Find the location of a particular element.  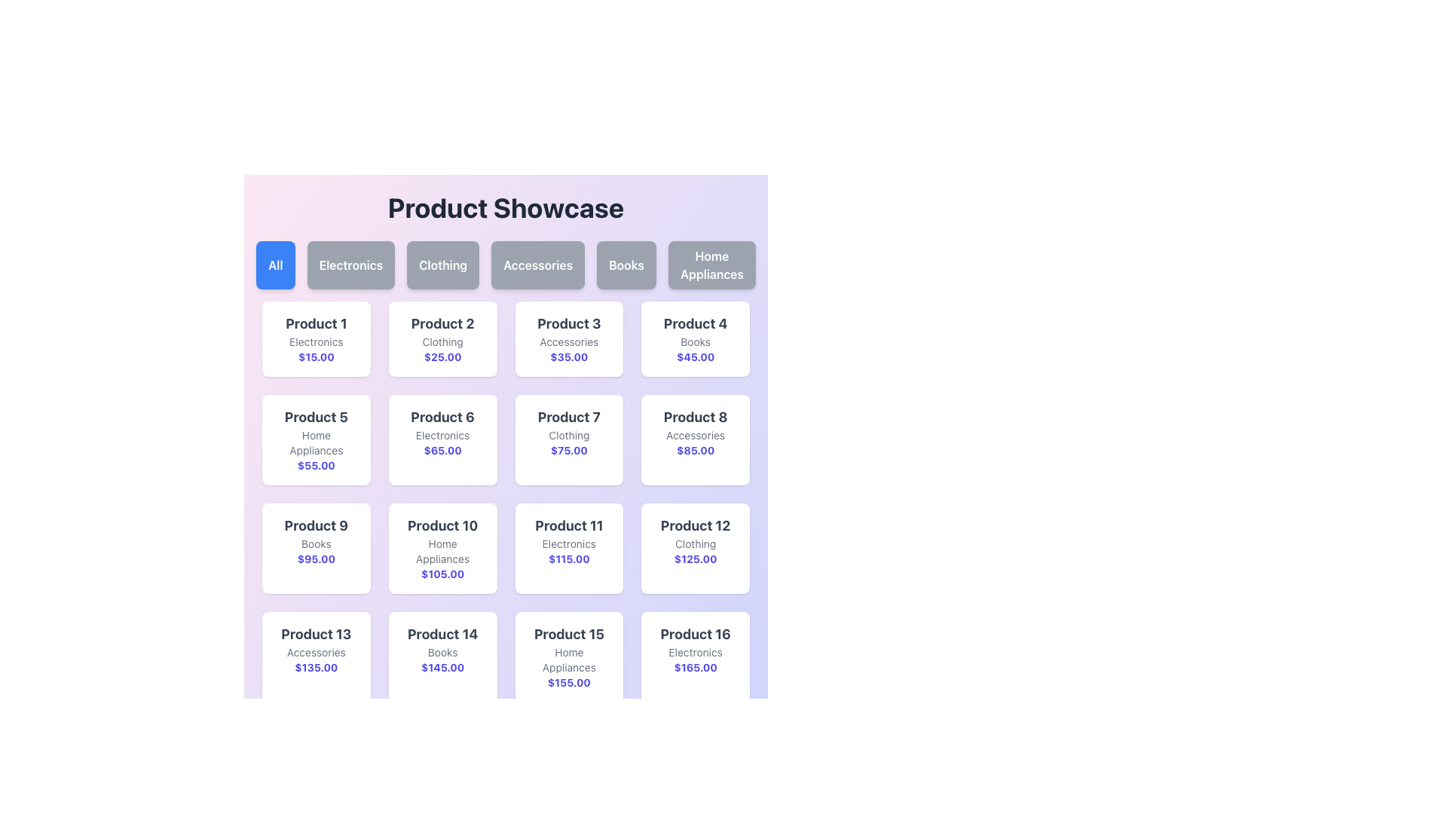

text content of the product title label located in the second card of the first row in the grid layout is located at coordinates (442, 323).